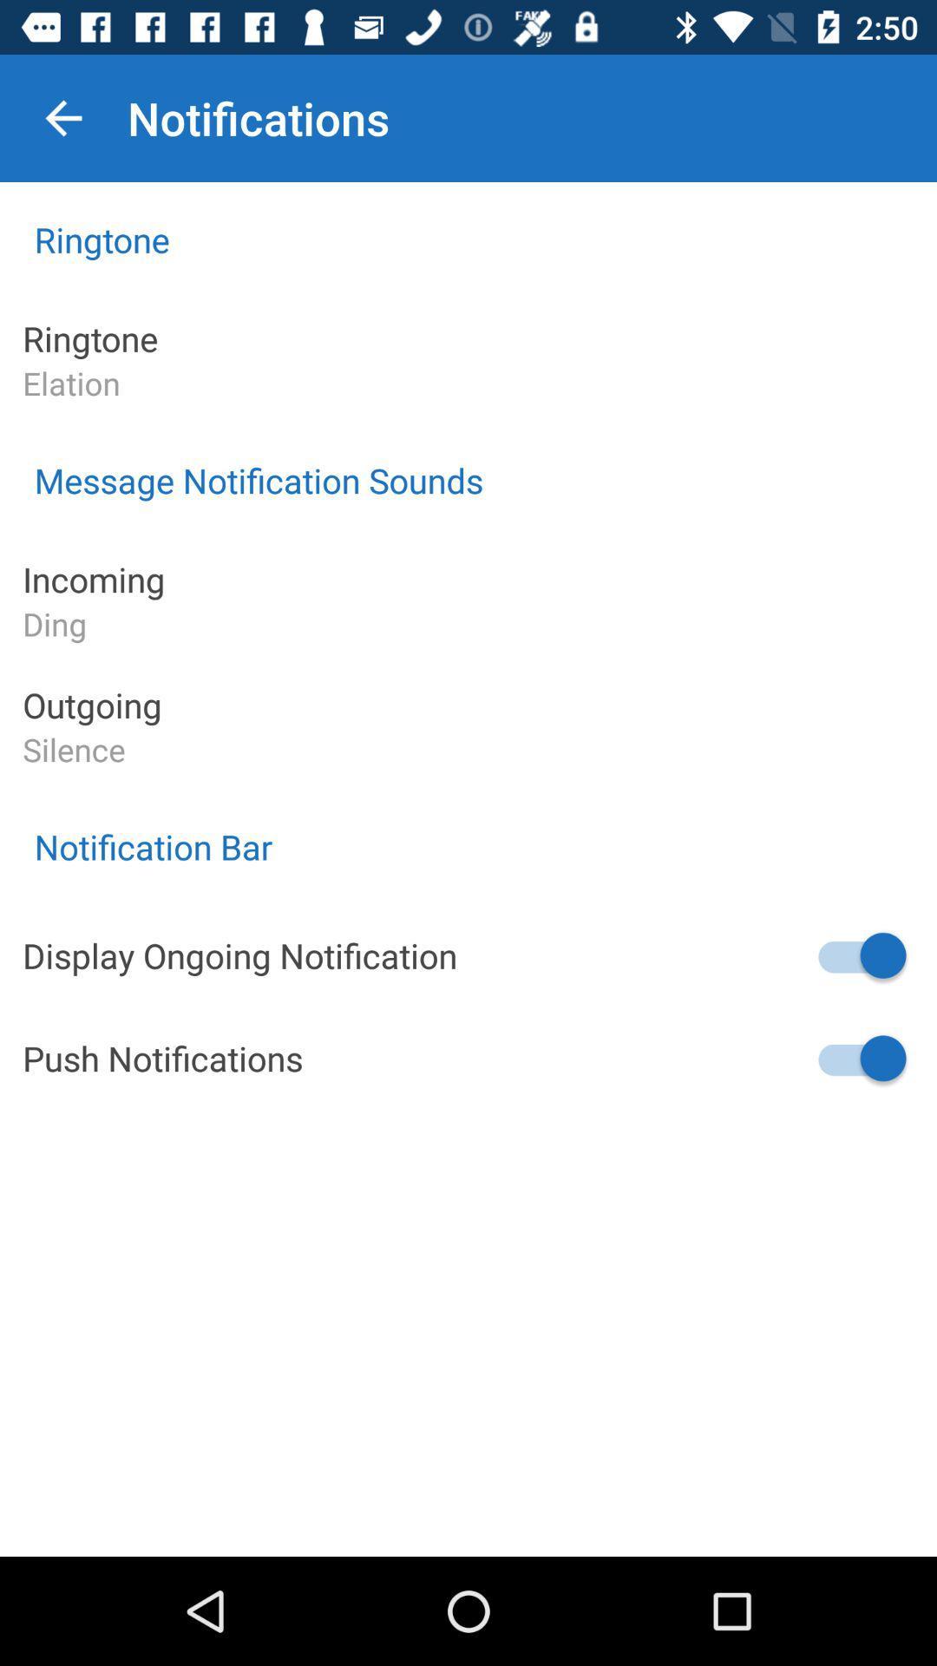 This screenshot has height=1666, width=937. I want to click on on or off display ongoing notifications, so click(860, 954).